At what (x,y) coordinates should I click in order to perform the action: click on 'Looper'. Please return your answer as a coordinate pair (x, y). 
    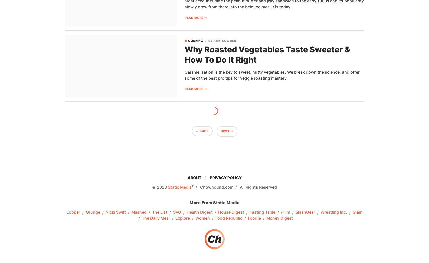
    Looking at the image, I should click on (73, 212).